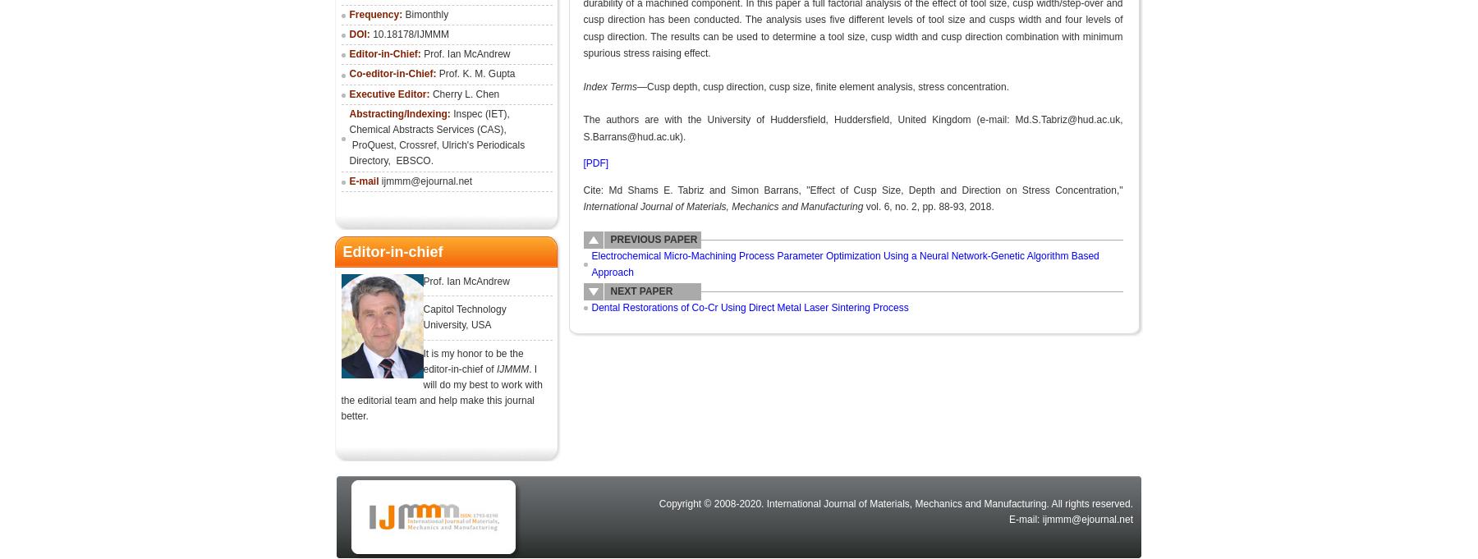 Image resolution: width=1478 pixels, height=559 pixels. Describe the element at coordinates (581, 163) in the screenshot. I see `'[PDF]'` at that location.